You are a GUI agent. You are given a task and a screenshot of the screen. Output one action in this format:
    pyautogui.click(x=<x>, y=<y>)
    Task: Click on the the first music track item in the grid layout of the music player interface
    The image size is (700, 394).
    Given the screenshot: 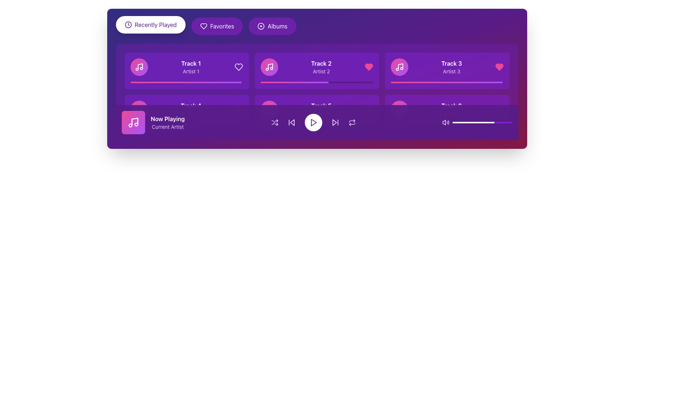 What is the action you would take?
    pyautogui.click(x=187, y=67)
    